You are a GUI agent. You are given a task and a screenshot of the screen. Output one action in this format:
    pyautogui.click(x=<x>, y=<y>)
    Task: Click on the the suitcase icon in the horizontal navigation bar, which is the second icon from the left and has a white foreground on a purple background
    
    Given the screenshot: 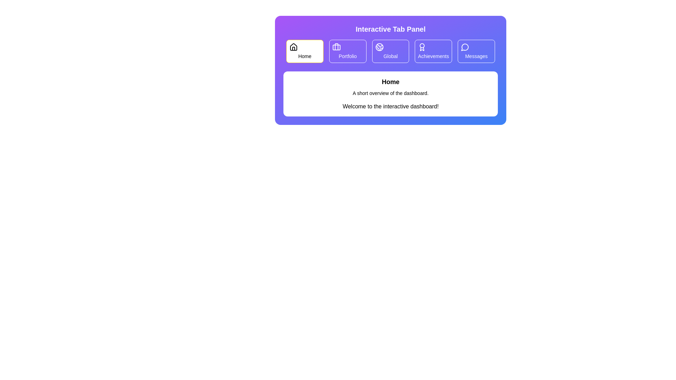 What is the action you would take?
    pyautogui.click(x=336, y=47)
    